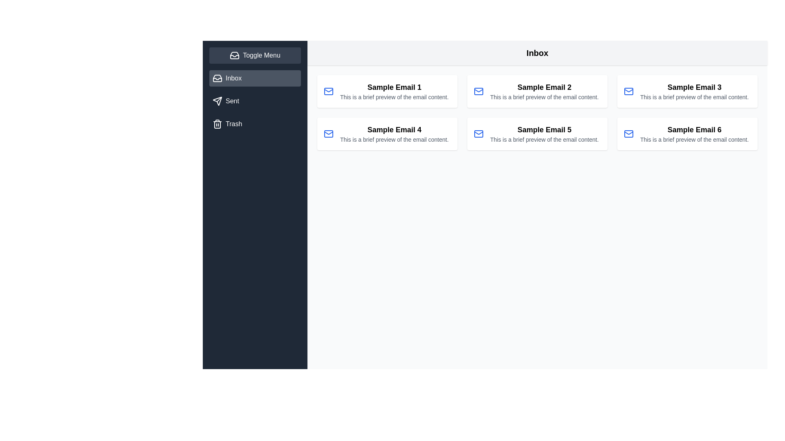  I want to click on the inbox tray icon located within the 'Toggle Menu' button at the top left of the navigation sidebar, so click(234, 55).